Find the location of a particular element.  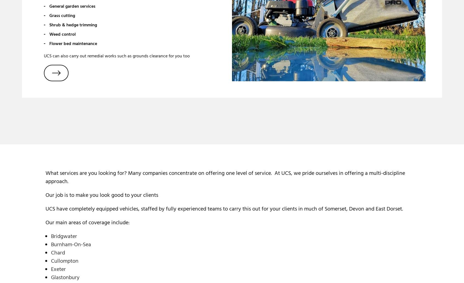

'Flower bed maintenance' is located at coordinates (73, 43).